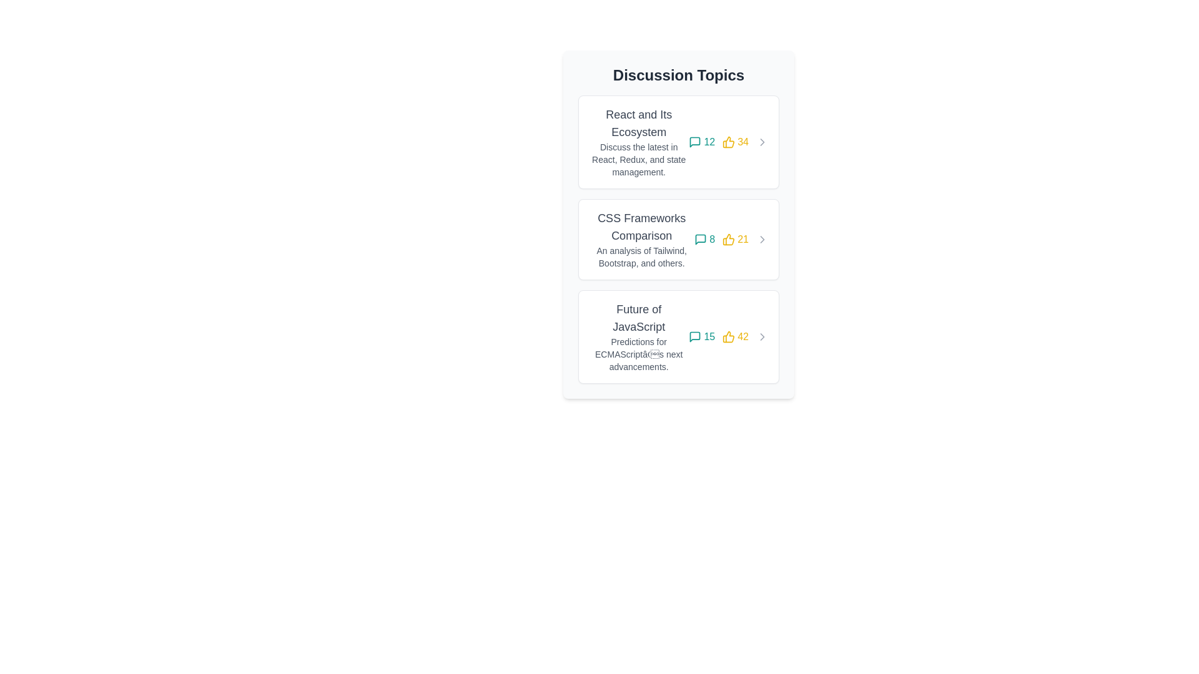 The height and width of the screenshot is (674, 1199). I want to click on the graphical counter component indicating likes, which features a yellow thumbs-up icon and the number '42', located in the bottom-right corner of the card about 'Future of JavaScript', so click(729, 337).